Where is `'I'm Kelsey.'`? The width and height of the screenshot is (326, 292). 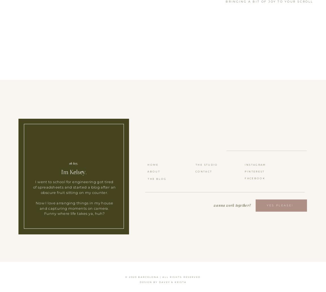 'I'm Kelsey.' is located at coordinates (73, 172).